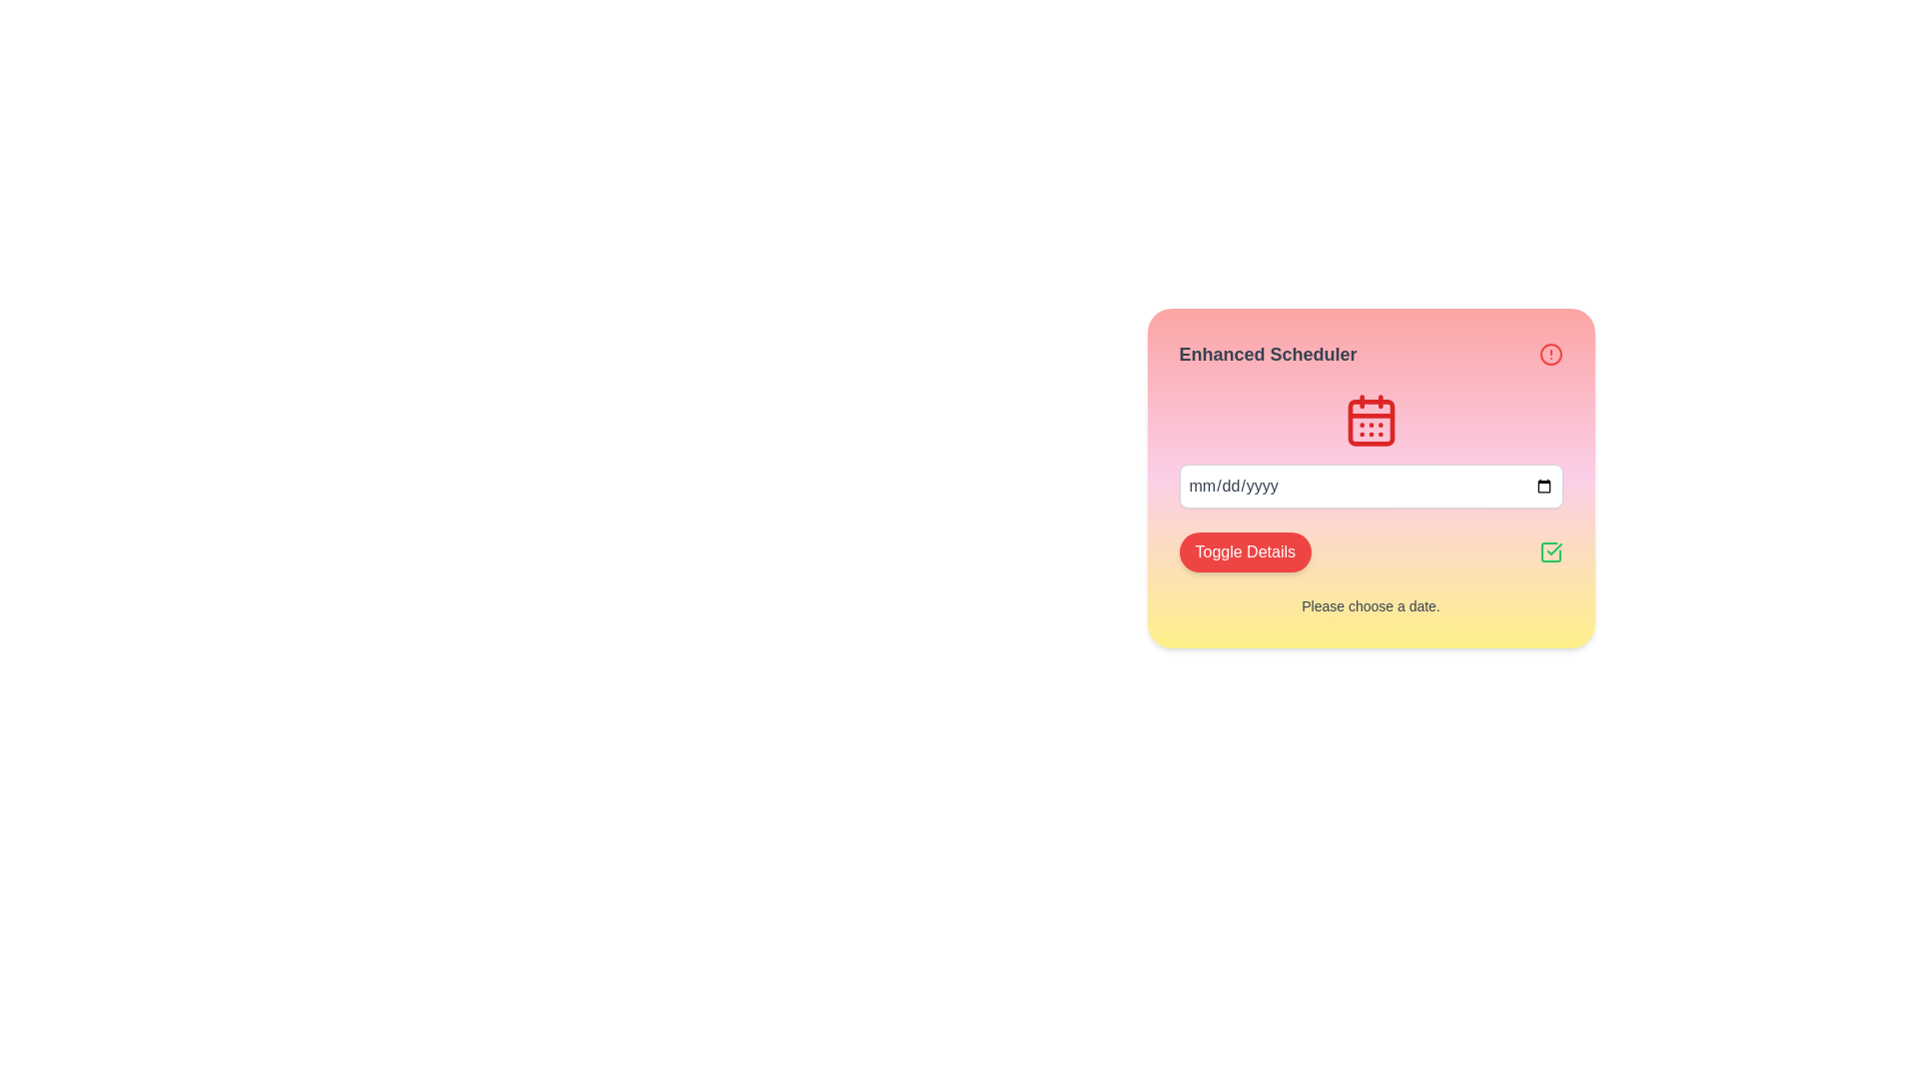  I want to click on the Header Section that displays 'Enhanced Scheduler' in bold, dark gray font on the left and an alert icon in red on the right, so click(1370, 353).